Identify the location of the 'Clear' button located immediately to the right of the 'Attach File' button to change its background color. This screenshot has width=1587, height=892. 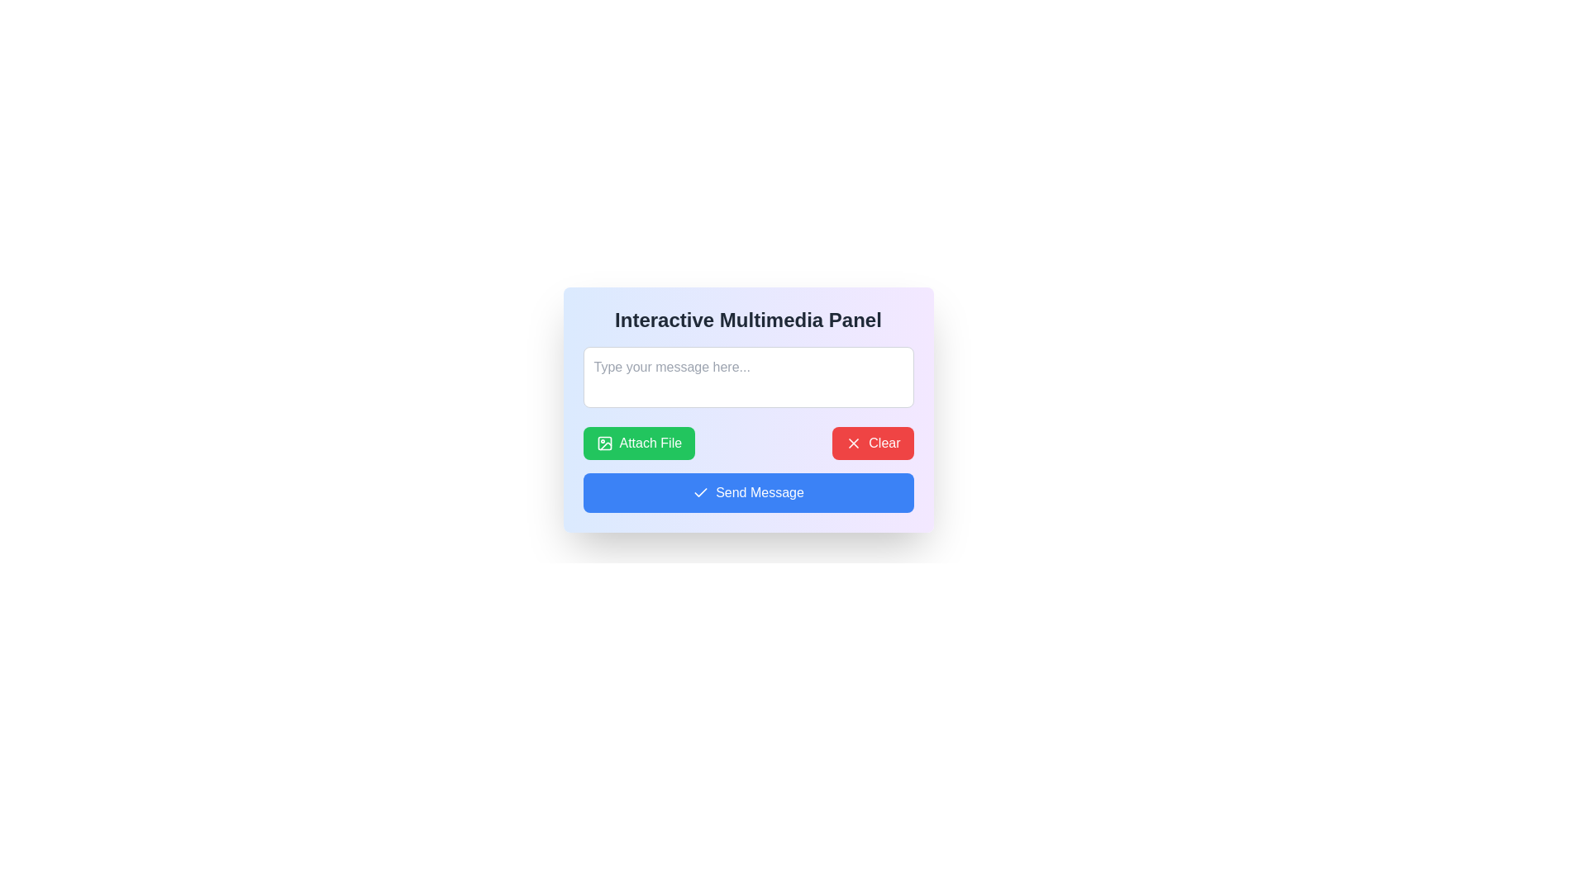
(872, 442).